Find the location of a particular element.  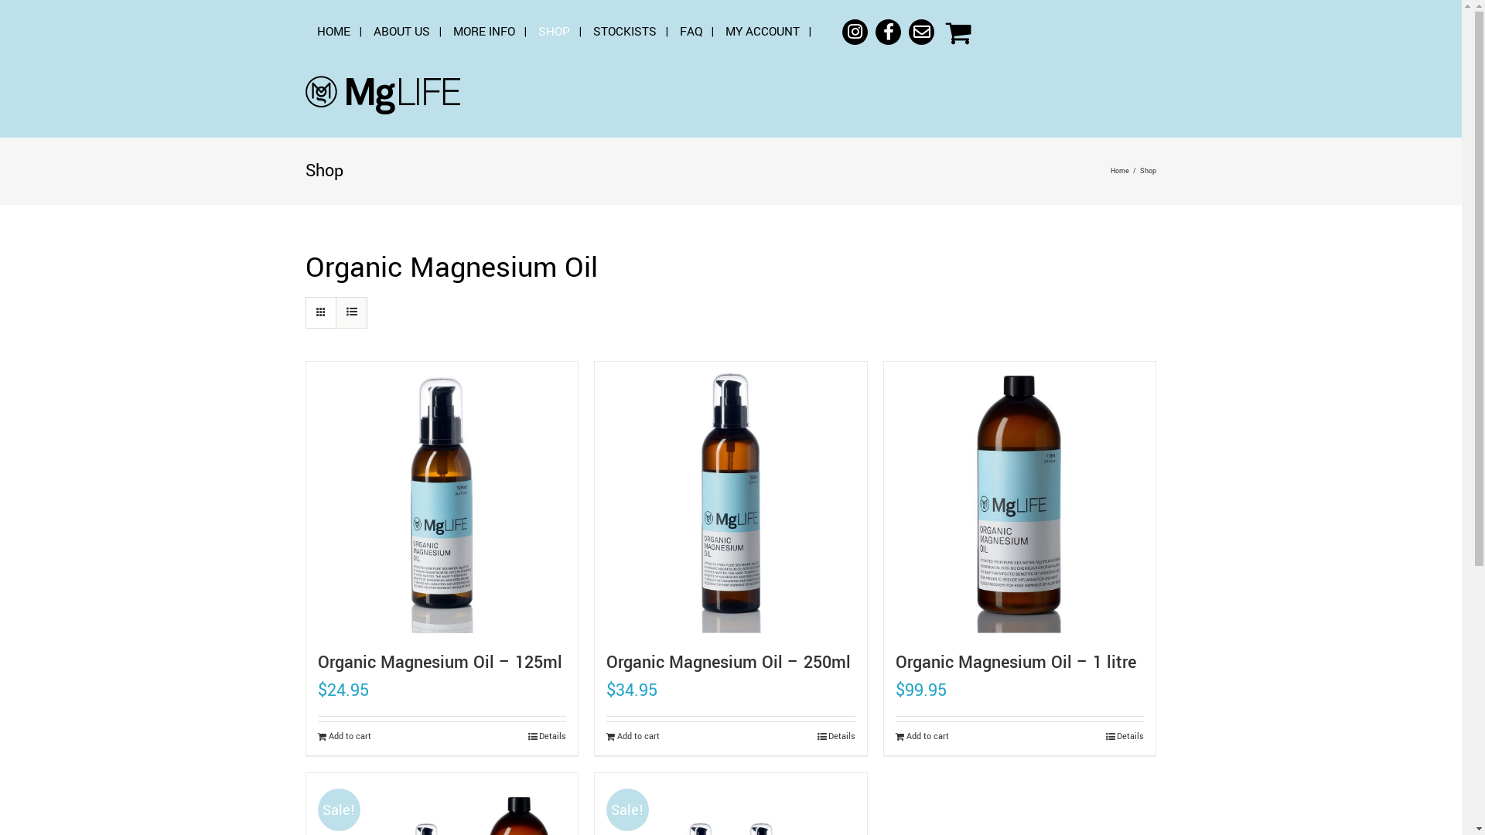

'MORE INFO' is located at coordinates (483, 32).